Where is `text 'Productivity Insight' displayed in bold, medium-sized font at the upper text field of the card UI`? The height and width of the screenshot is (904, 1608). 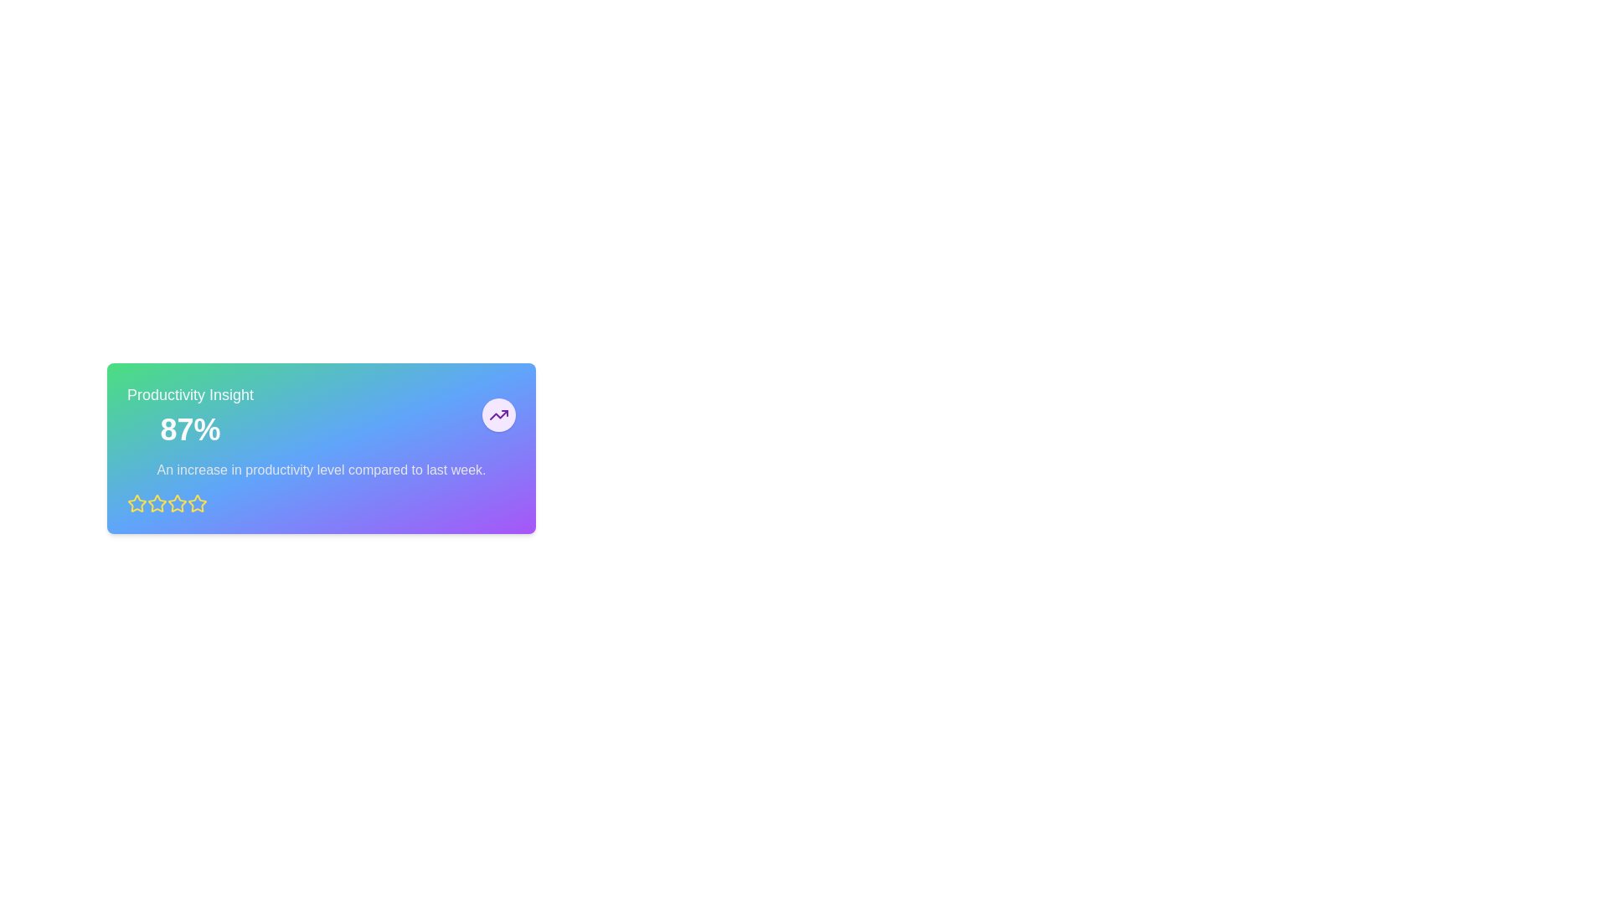
text 'Productivity Insight' displayed in bold, medium-sized font at the upper text field of the card UI is located at coordinates (190, 394).